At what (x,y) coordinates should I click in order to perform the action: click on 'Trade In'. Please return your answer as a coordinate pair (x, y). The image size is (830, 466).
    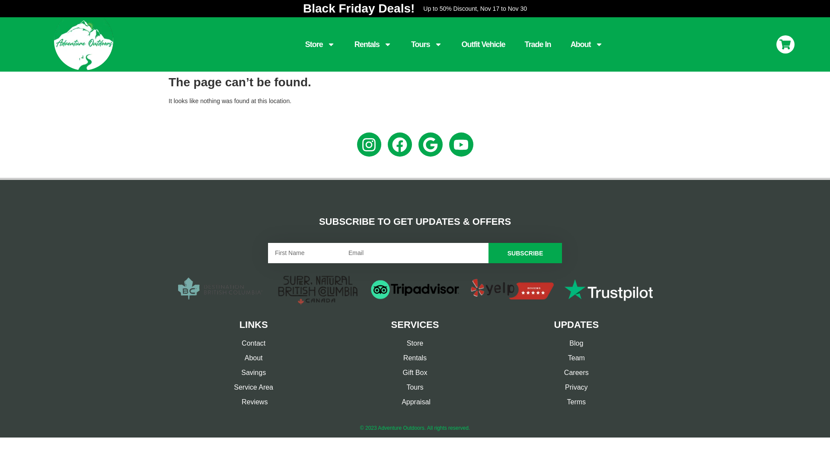
    Looking at the image, I should click on (537, 44).